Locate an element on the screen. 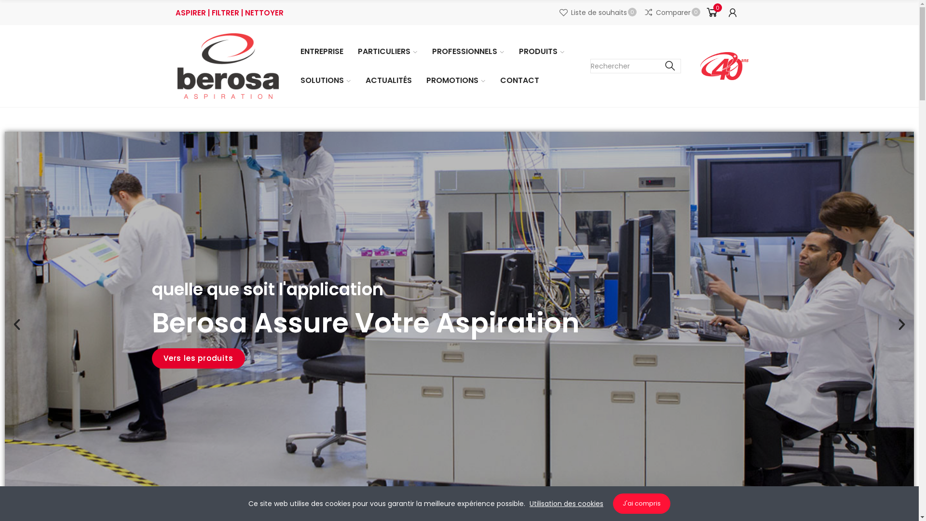 The height and width of the screenshot is (521, 926). 'SOLUTIONS' is located at coordinates (326, 80).